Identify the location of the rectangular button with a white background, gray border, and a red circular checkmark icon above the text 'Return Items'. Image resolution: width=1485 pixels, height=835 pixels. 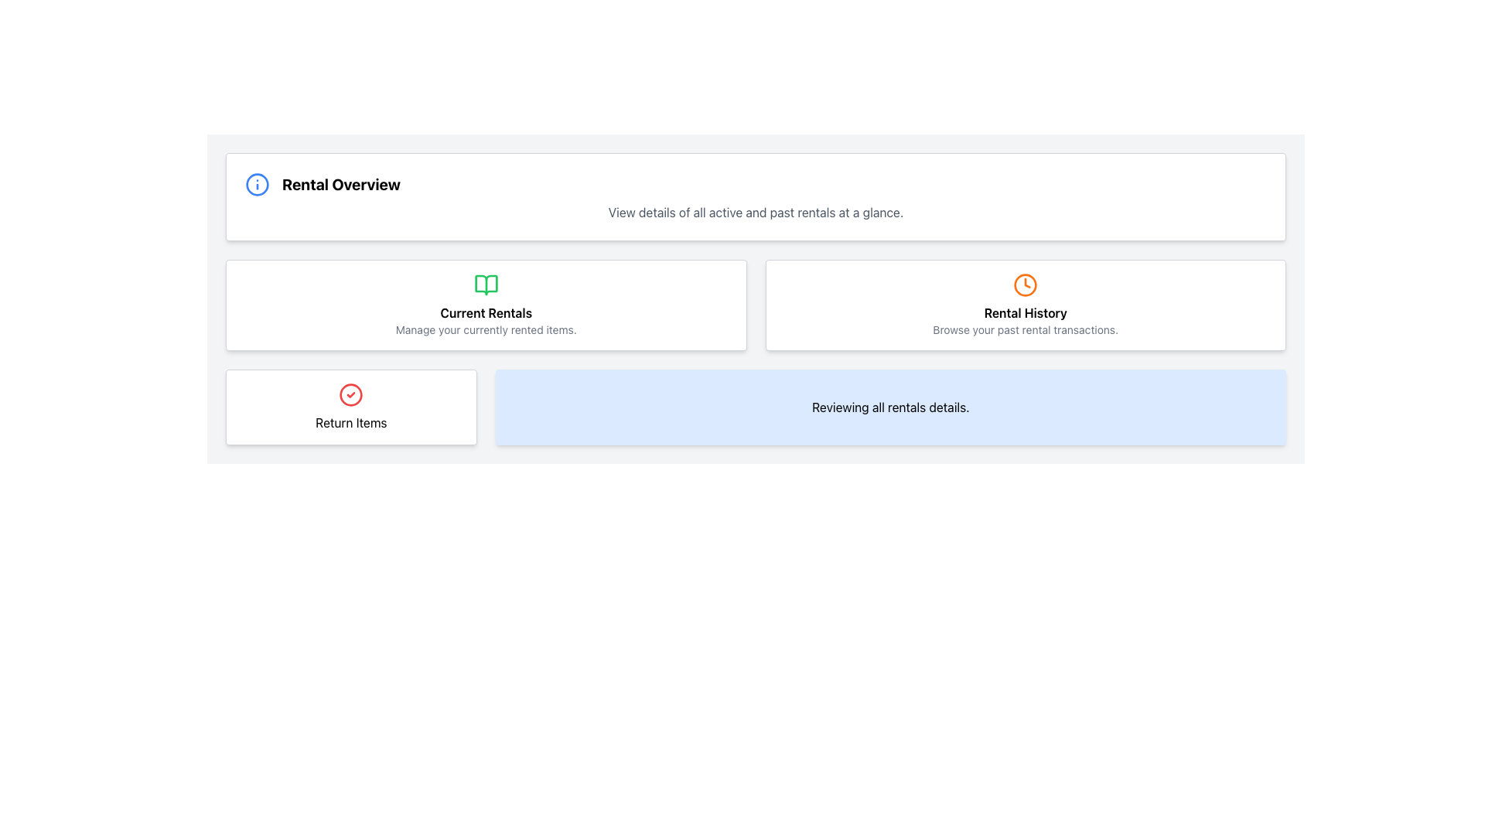
(350, 407).